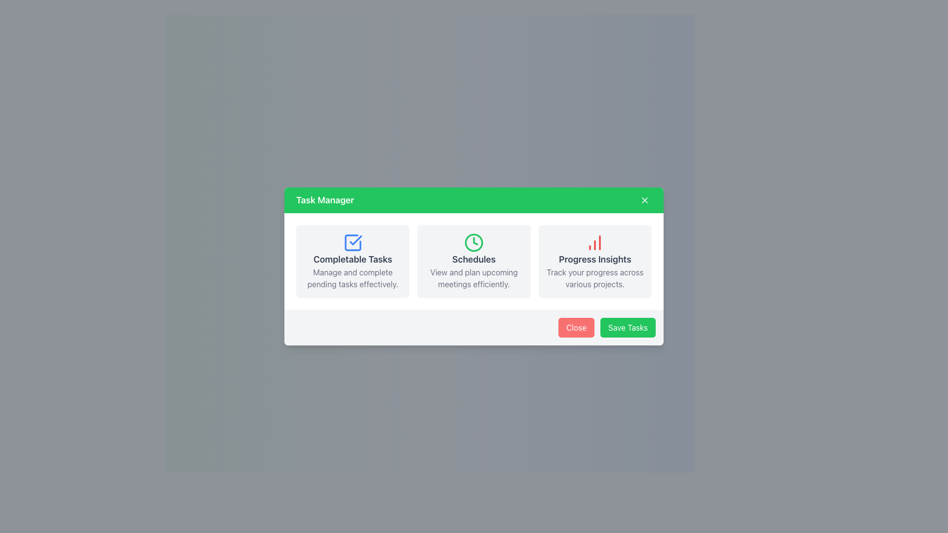  I want to click on the SVG Circle with a green border located within the clock icon in the 'Schedules' panel of the Task Manager dialog, so click(474, 243).